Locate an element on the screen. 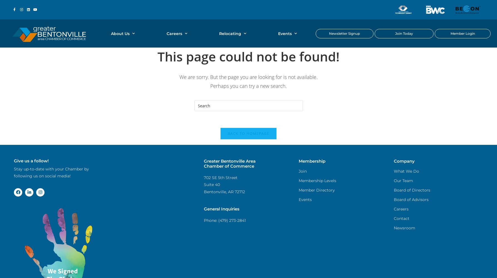 Image resolution: width=497 pixels, height=278 pixels. 'Board of Advisors' is located at coordinates (411, 199).